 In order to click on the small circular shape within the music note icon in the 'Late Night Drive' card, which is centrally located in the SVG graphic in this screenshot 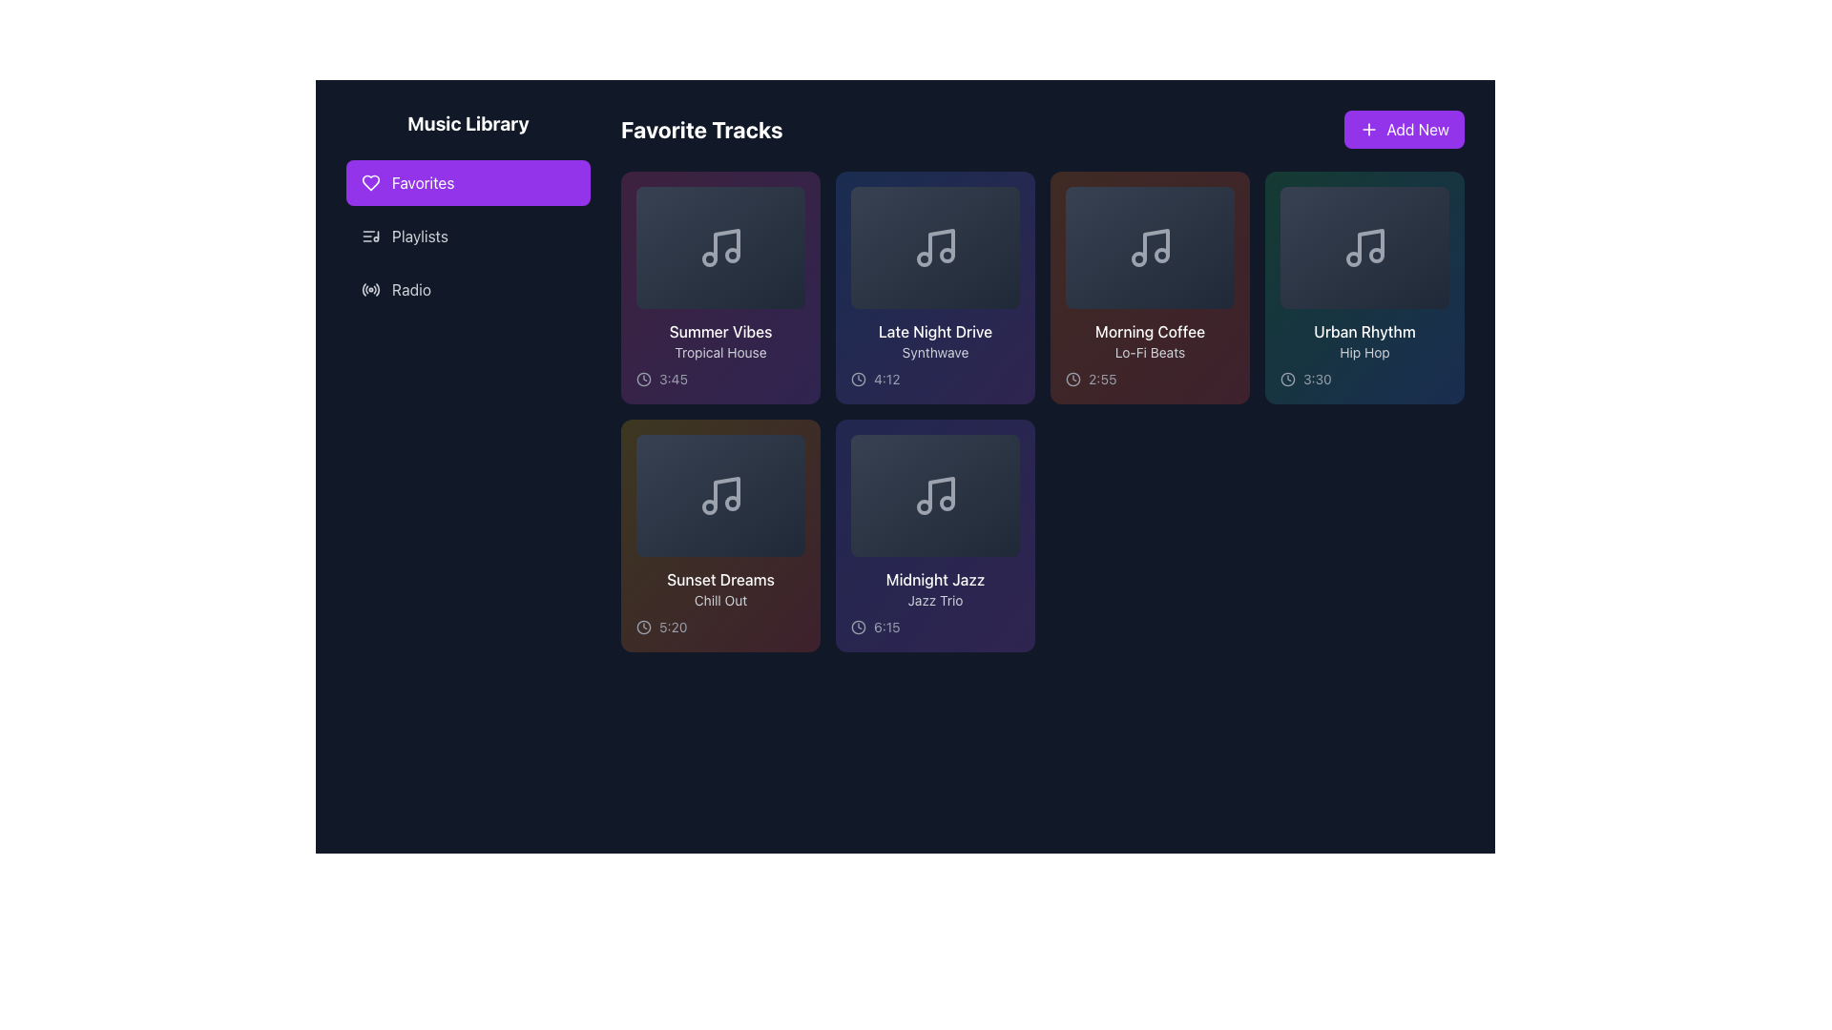, I will do `click(924, 259)`.